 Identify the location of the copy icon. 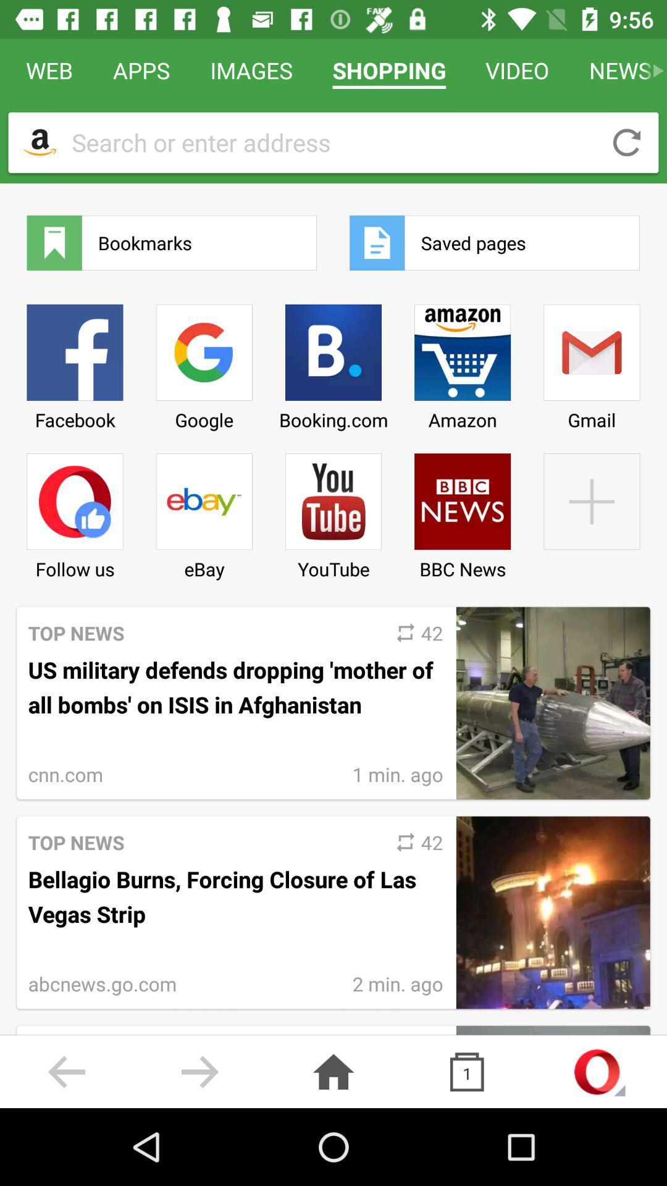
(467, 1071).